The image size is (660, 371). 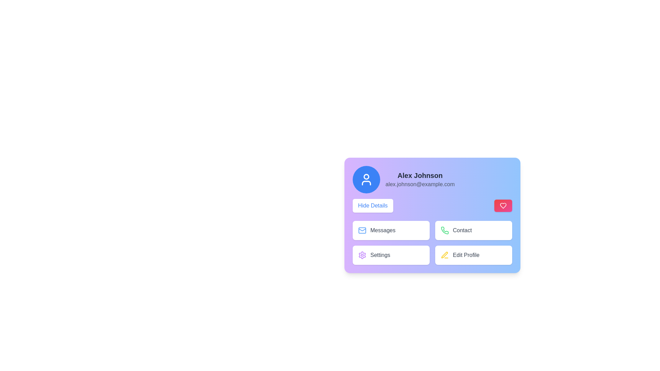 I want to click on the static text element displaying the email 'alex.johnson@example.com', which is styled in gray and positioned beneath the bold title 'Alex Johnson' within the card interface, so click(x=420, y=184).